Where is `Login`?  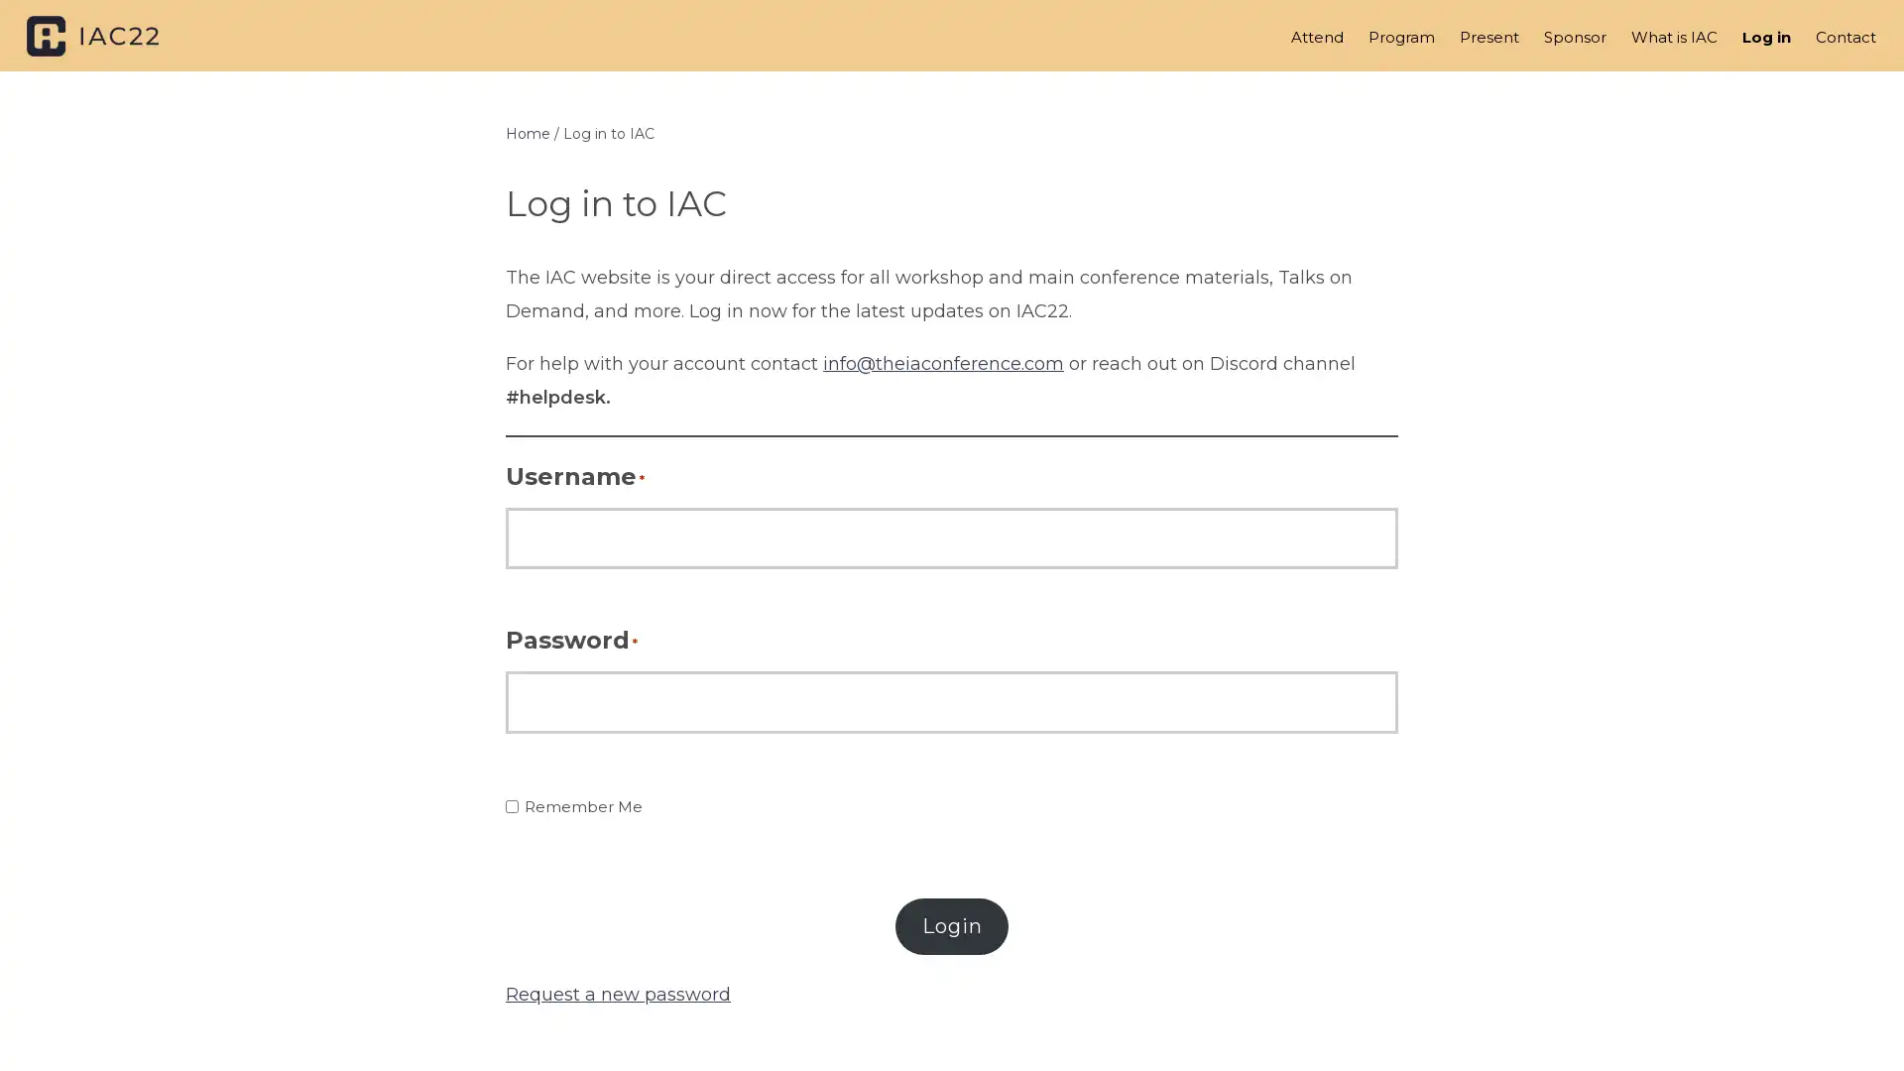
Login is located at coordinates (950, 925).